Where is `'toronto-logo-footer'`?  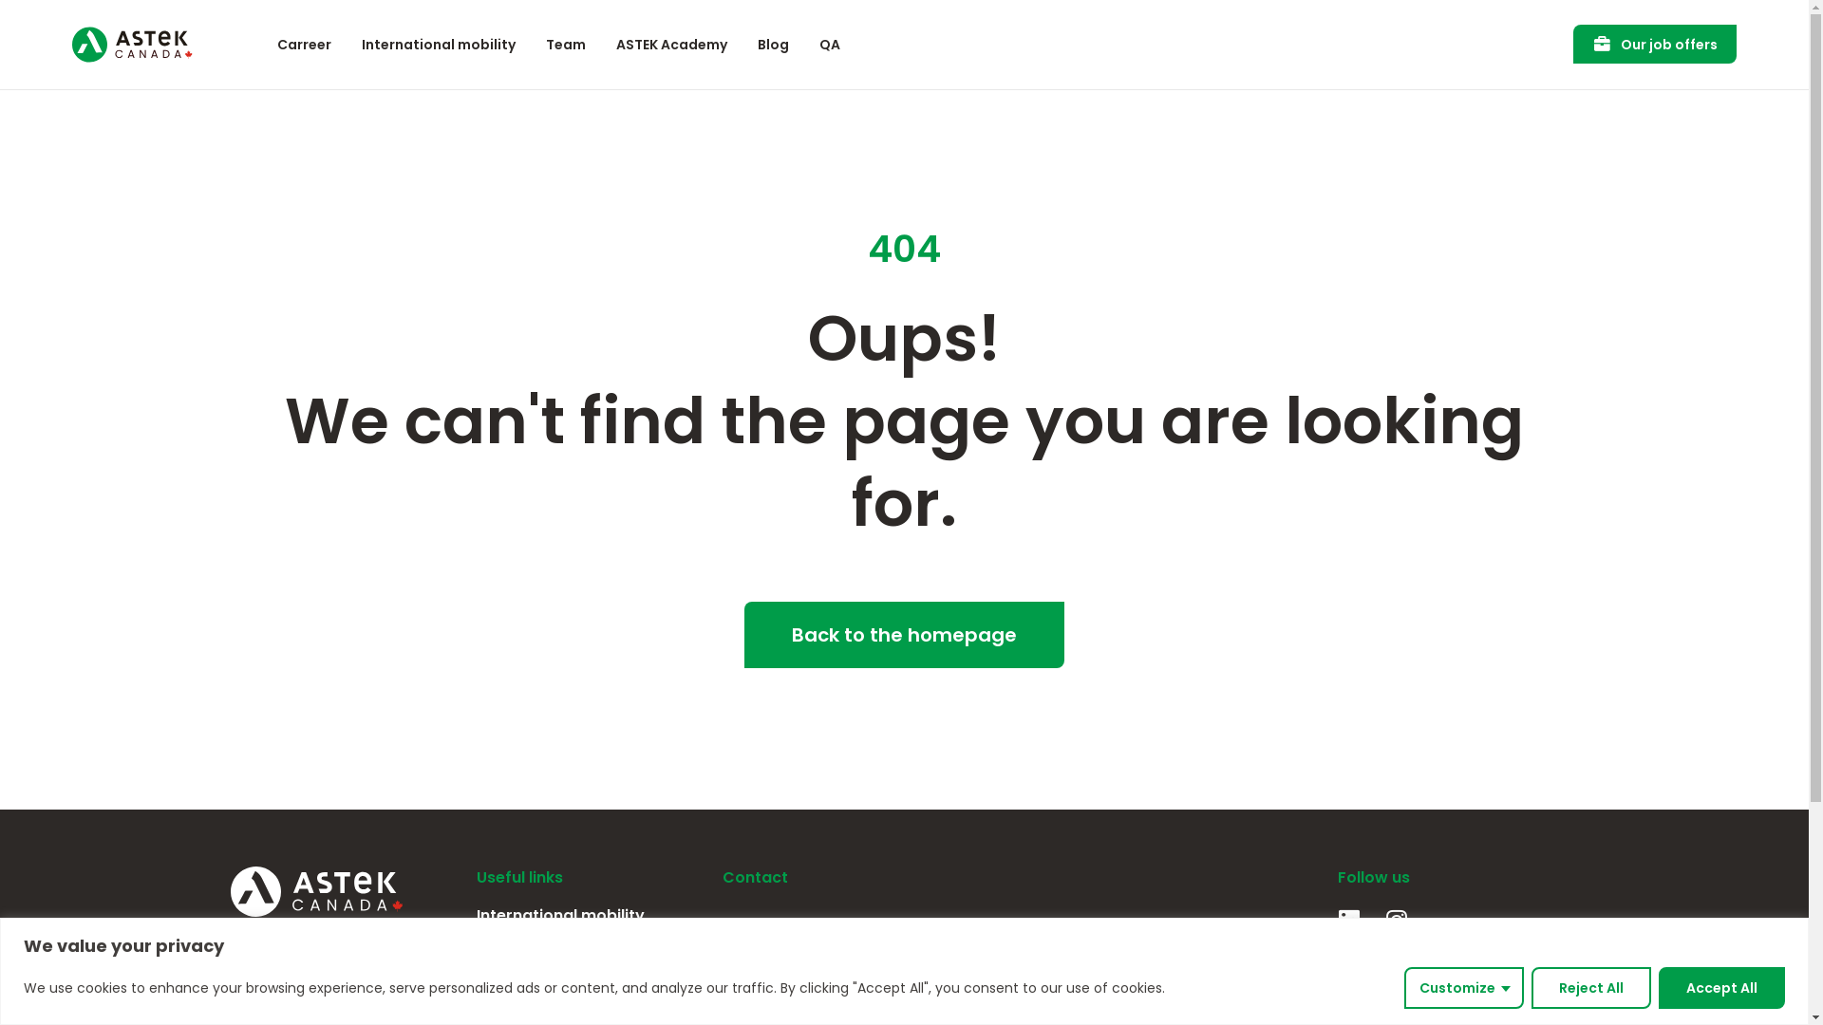
'toronto-logo-footer' is located at coordinates (1028, 936).